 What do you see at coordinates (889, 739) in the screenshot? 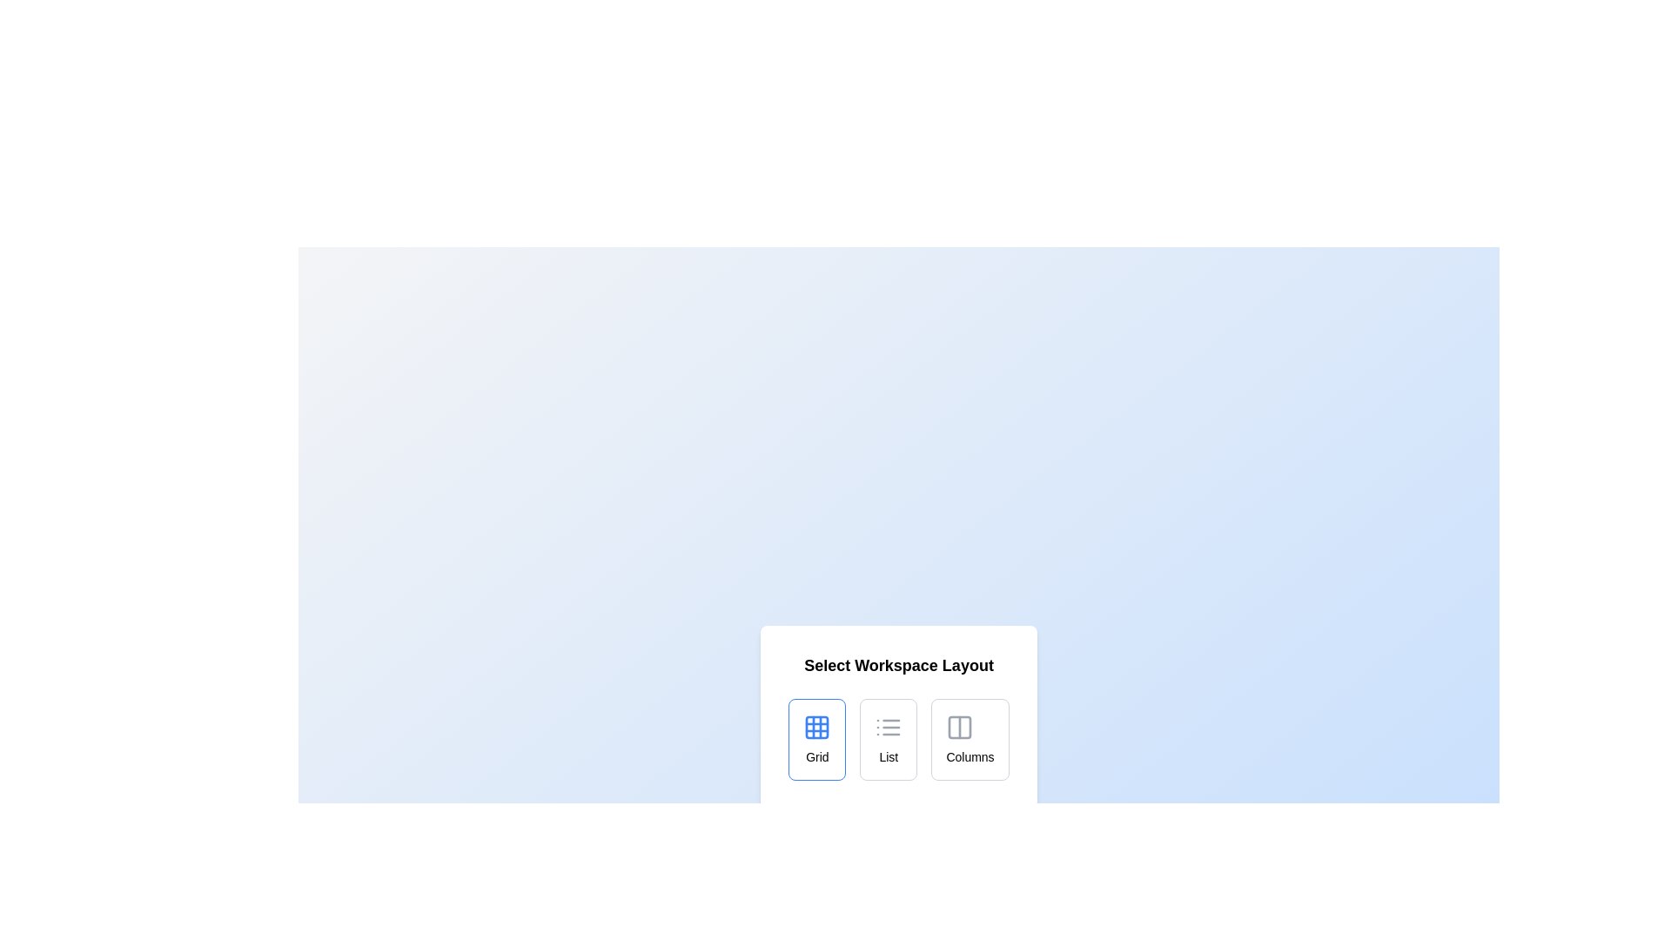
I see `the layout option List to observe visual feedback` at bounding box center [889, 739].